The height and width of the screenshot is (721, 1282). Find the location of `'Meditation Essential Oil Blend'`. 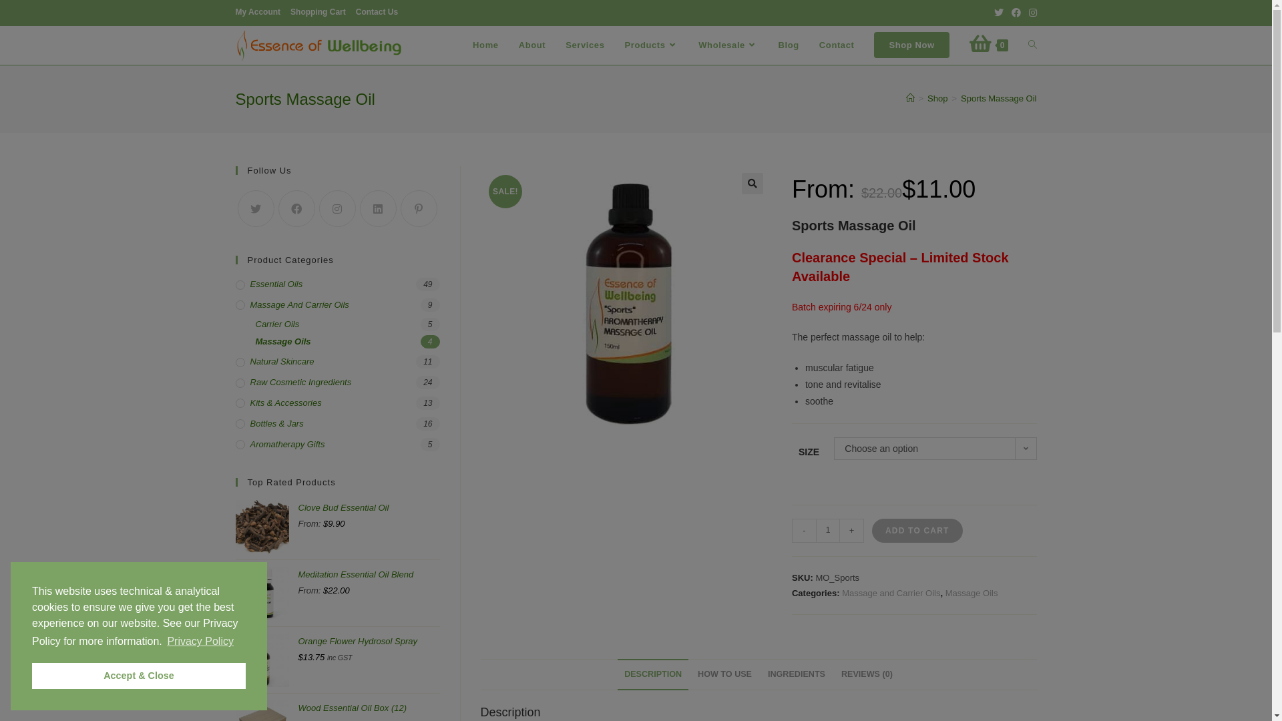

'Meditation Essential Oil Blend' is located at coordinates (297, 581).